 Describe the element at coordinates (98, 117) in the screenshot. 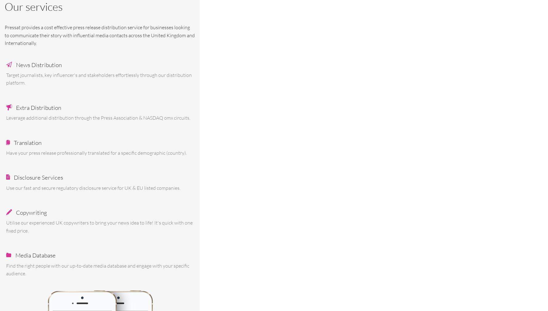

I see `'Leverage additional distribution through the Press Association & NASDAQ omx circuits.'` at that location.